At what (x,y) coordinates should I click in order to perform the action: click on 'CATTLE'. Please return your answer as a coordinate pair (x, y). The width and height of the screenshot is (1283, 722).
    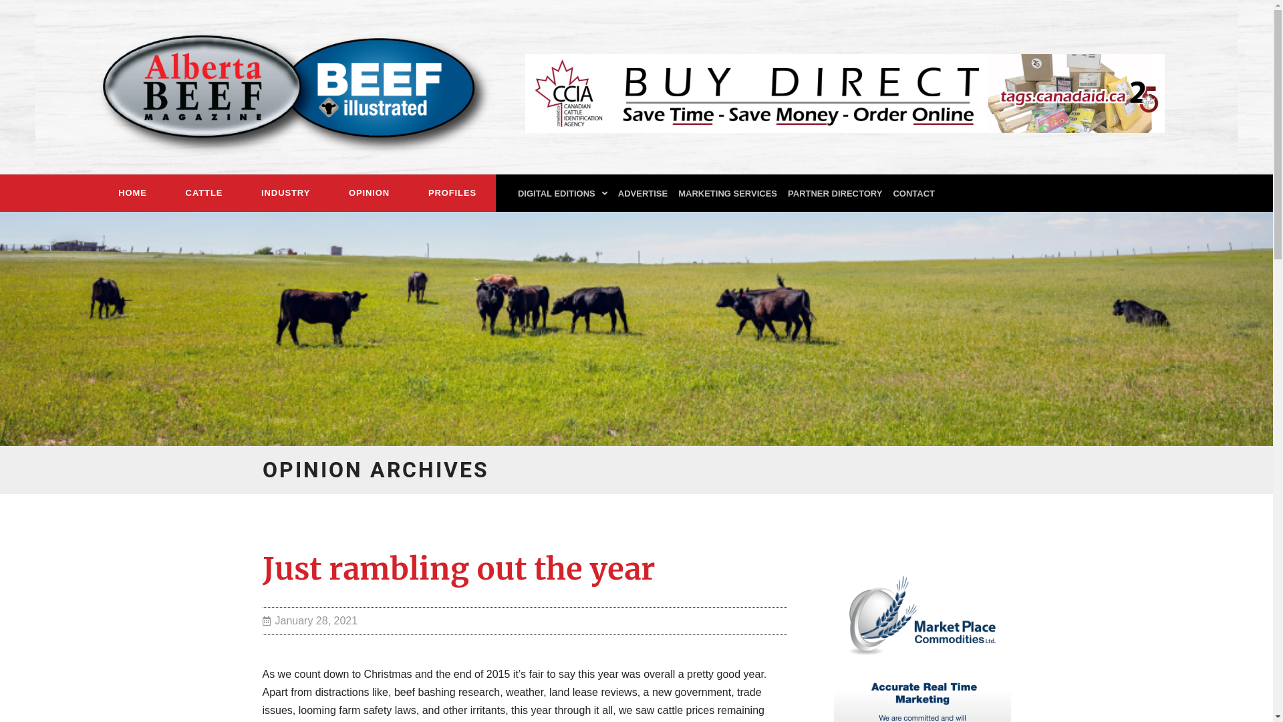
    Looking at the image, I should click on (166, 193).